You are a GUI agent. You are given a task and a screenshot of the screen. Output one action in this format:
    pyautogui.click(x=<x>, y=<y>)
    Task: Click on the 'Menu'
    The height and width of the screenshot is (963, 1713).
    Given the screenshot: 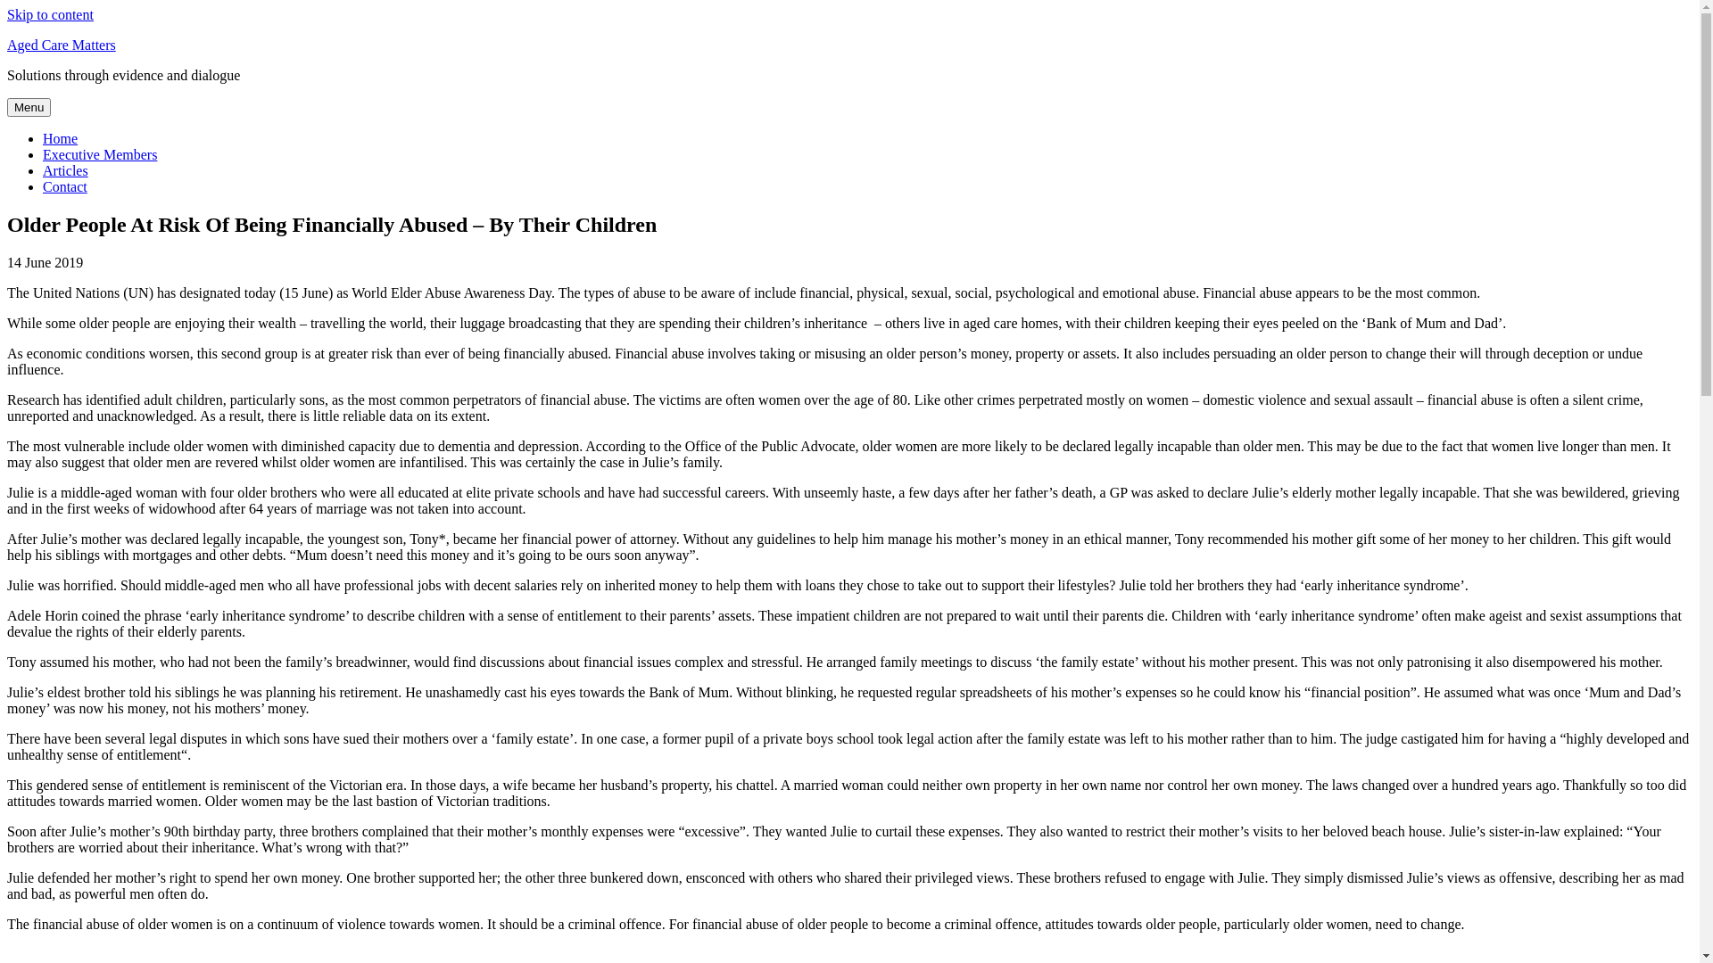 What is the action you would take?
    pyautogui.click(x=7, y=107)
    